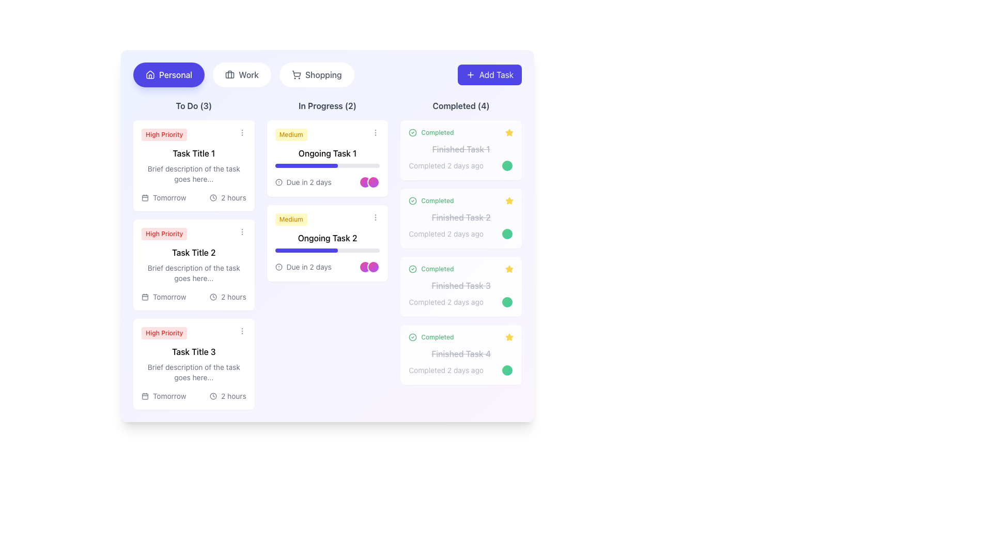 This screenshot has width=992, height=558. Describe the element at coordinates (194, 364) in the screenshot. I see `the third high-priority task card in the 'To Do' section to associate it with a category` at that location.